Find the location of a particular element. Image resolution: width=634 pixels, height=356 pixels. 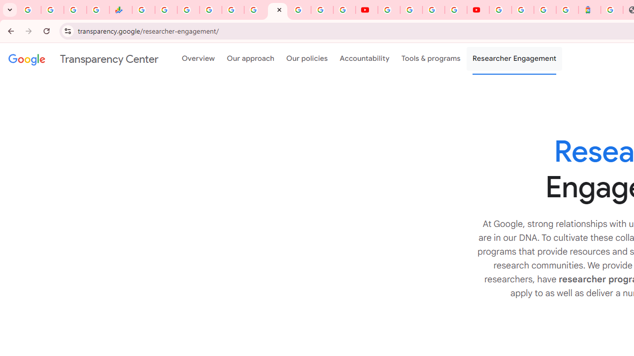

'Our policies' is located at coordinates (307, 59).